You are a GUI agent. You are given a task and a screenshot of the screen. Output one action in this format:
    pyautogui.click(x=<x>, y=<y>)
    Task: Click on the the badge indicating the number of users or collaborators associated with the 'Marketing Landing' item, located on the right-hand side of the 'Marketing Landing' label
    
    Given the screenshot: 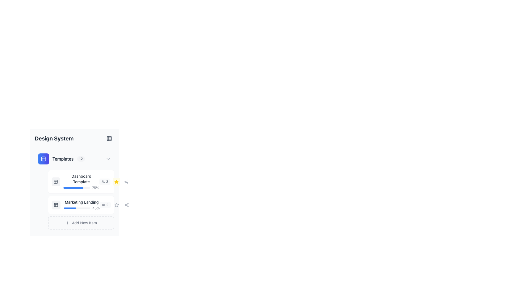 What is the action you would take?
    pyautogui.click(x=105, y=205)
    